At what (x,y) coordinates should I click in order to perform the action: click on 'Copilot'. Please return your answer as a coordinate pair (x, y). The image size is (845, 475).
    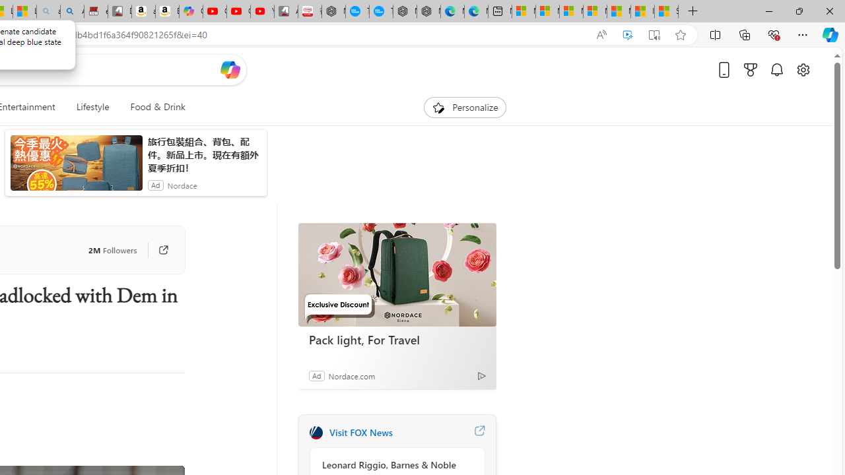
    Looking at the image, I should click on (190, 11).